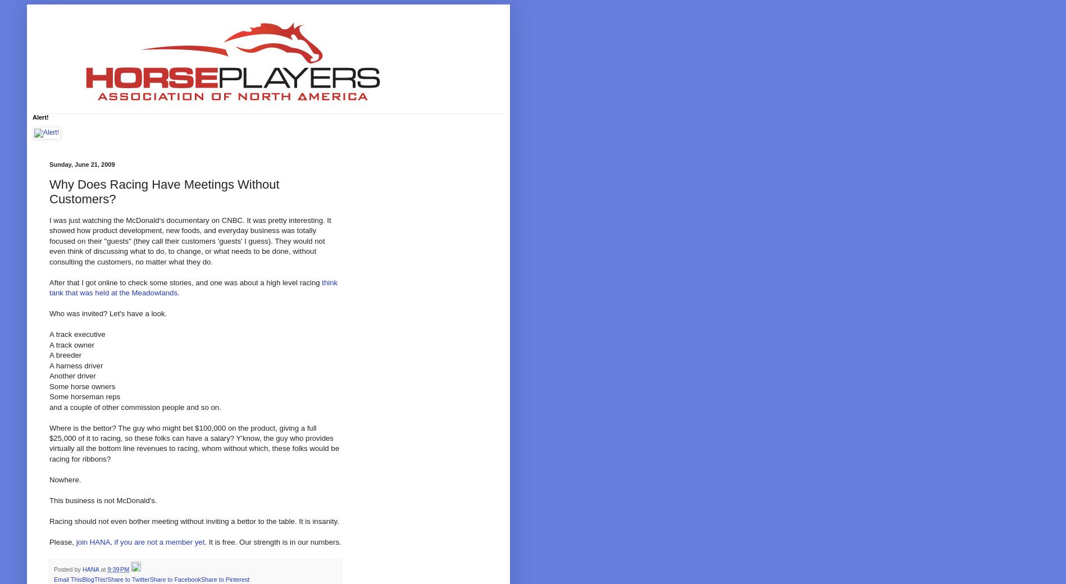 This screenshot has height=584, width=1066. Describe the element at coordinates (82, 386) in the screenshot. I see `'Some horse owners'` at that location.